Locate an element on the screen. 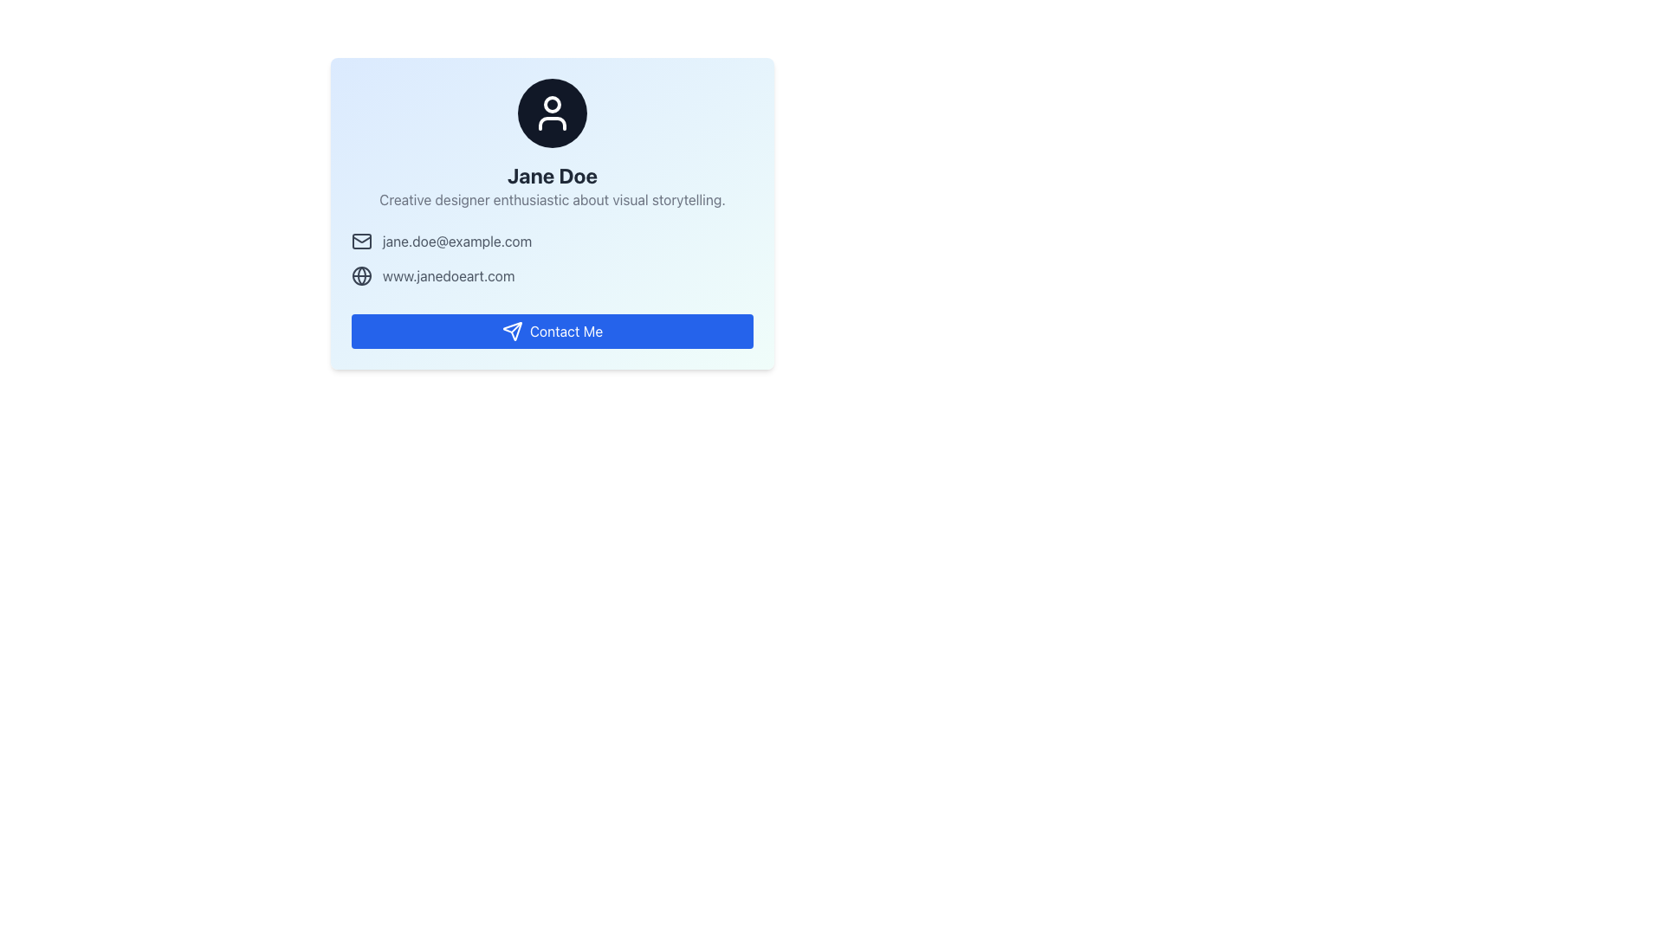 The width and height of the screenshot is (1663, 935). the 'Contact Me' button, which is a blue rectangular button with rounded edges located at the bottom of the card, below the text 'www.janedoeart.com' is located at coordinates (552, 331).